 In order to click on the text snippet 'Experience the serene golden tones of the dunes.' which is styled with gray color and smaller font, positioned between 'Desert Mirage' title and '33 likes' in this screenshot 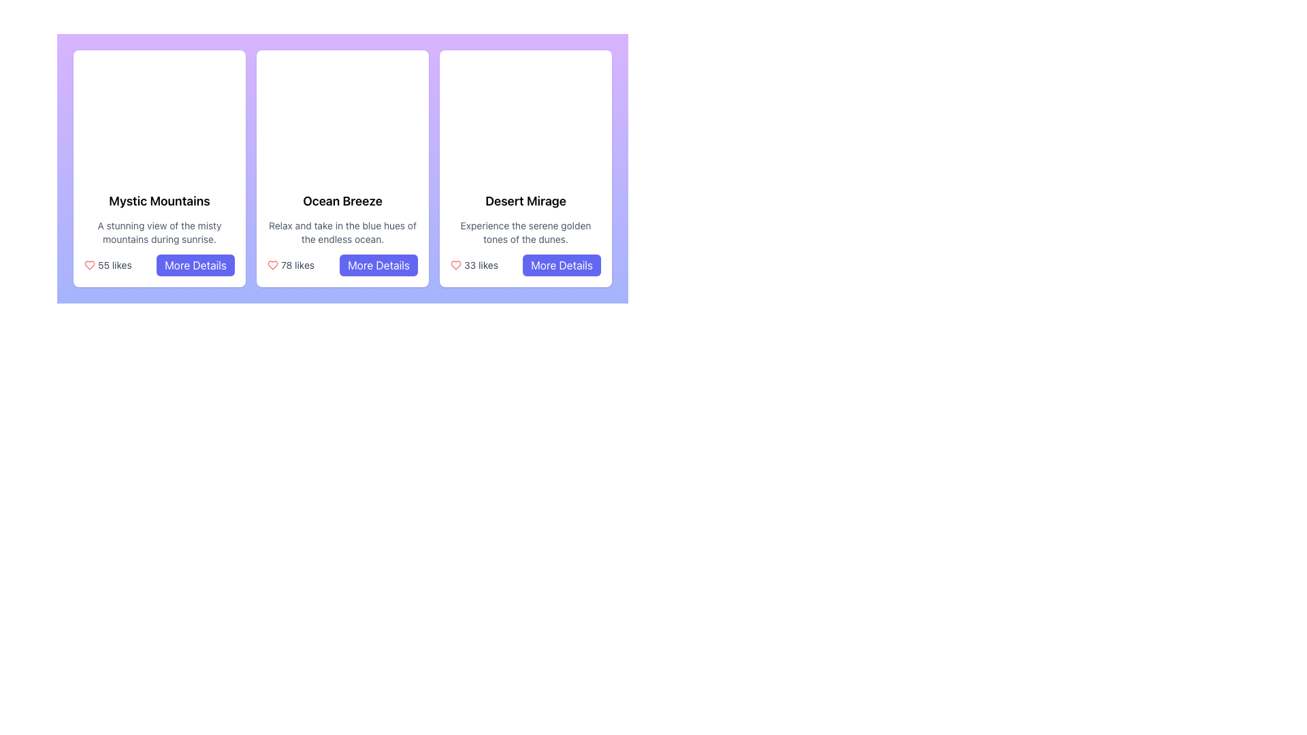, I will do `click(525, 232)`.